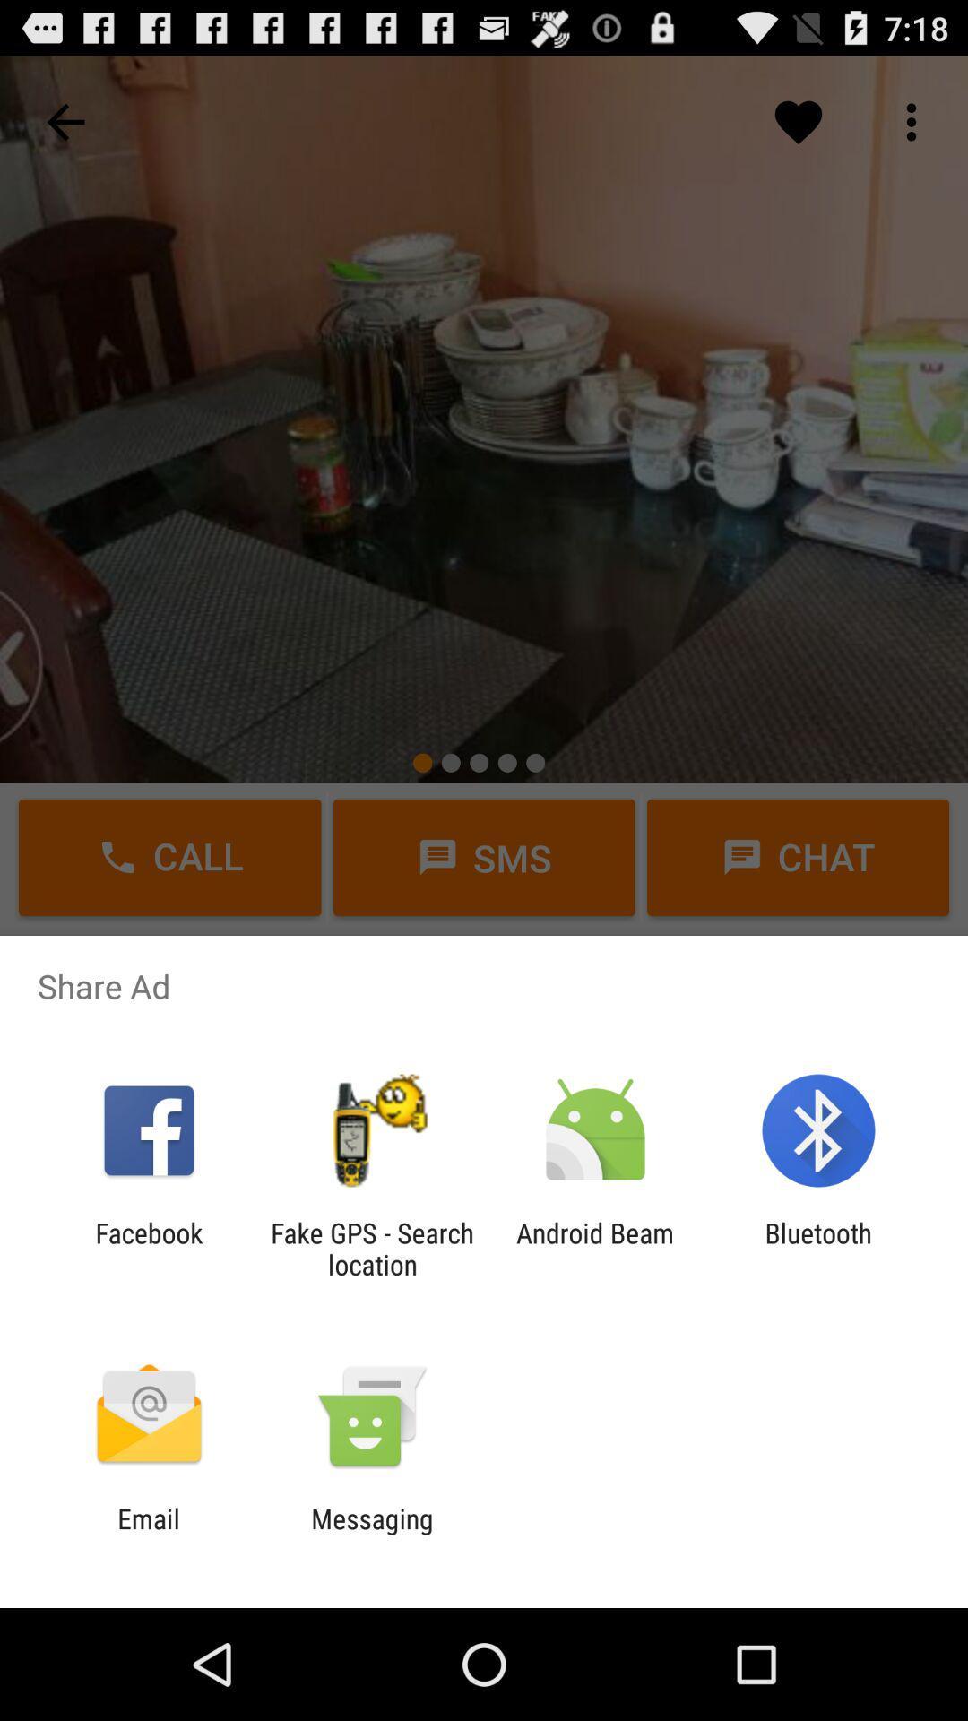 This screenshot has height=1721, width=968. I want to click on the item next to android beam, so click(818, 1248).